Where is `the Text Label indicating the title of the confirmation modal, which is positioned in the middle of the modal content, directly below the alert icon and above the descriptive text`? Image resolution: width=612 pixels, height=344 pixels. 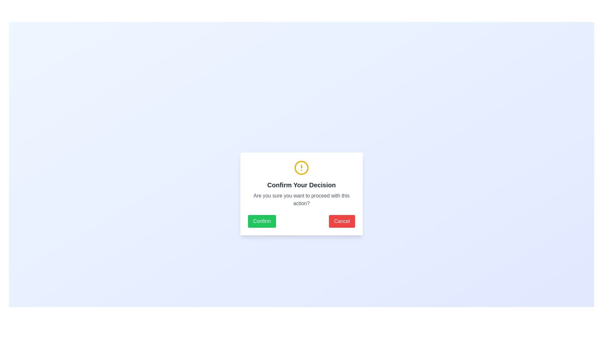
the Text Label indicating the title of the confirmation modal, which is positioned in the middle of the modal content, directly below the alert icon and above the descriptive text is located at coordinates (301, 185).